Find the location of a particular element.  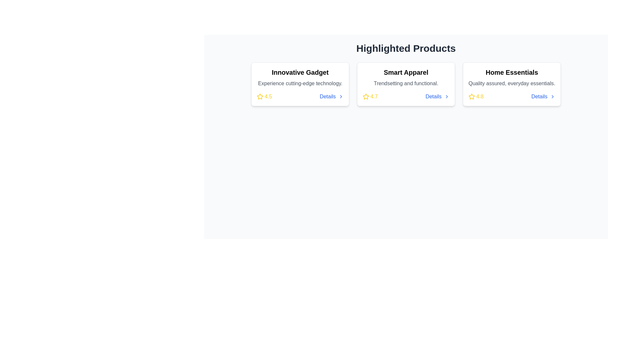

the static text element that reads 'Experience cutting-edge technology.' which is located within the first card on the page, directly below the heading 'Innovative Gadget' is located at coordinates (300, 83).